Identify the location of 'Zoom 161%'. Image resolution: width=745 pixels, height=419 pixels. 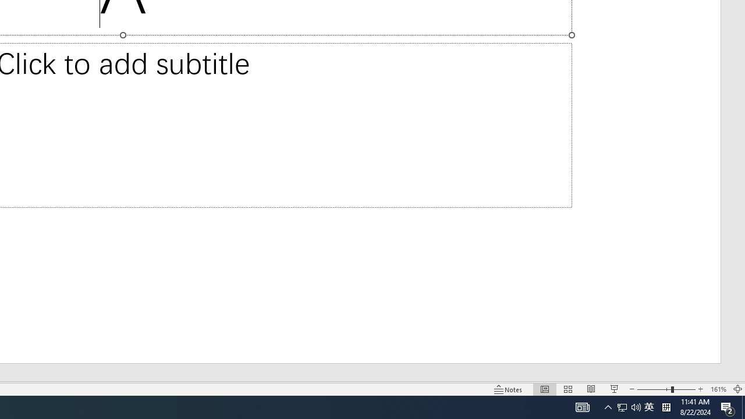
(718, 389).